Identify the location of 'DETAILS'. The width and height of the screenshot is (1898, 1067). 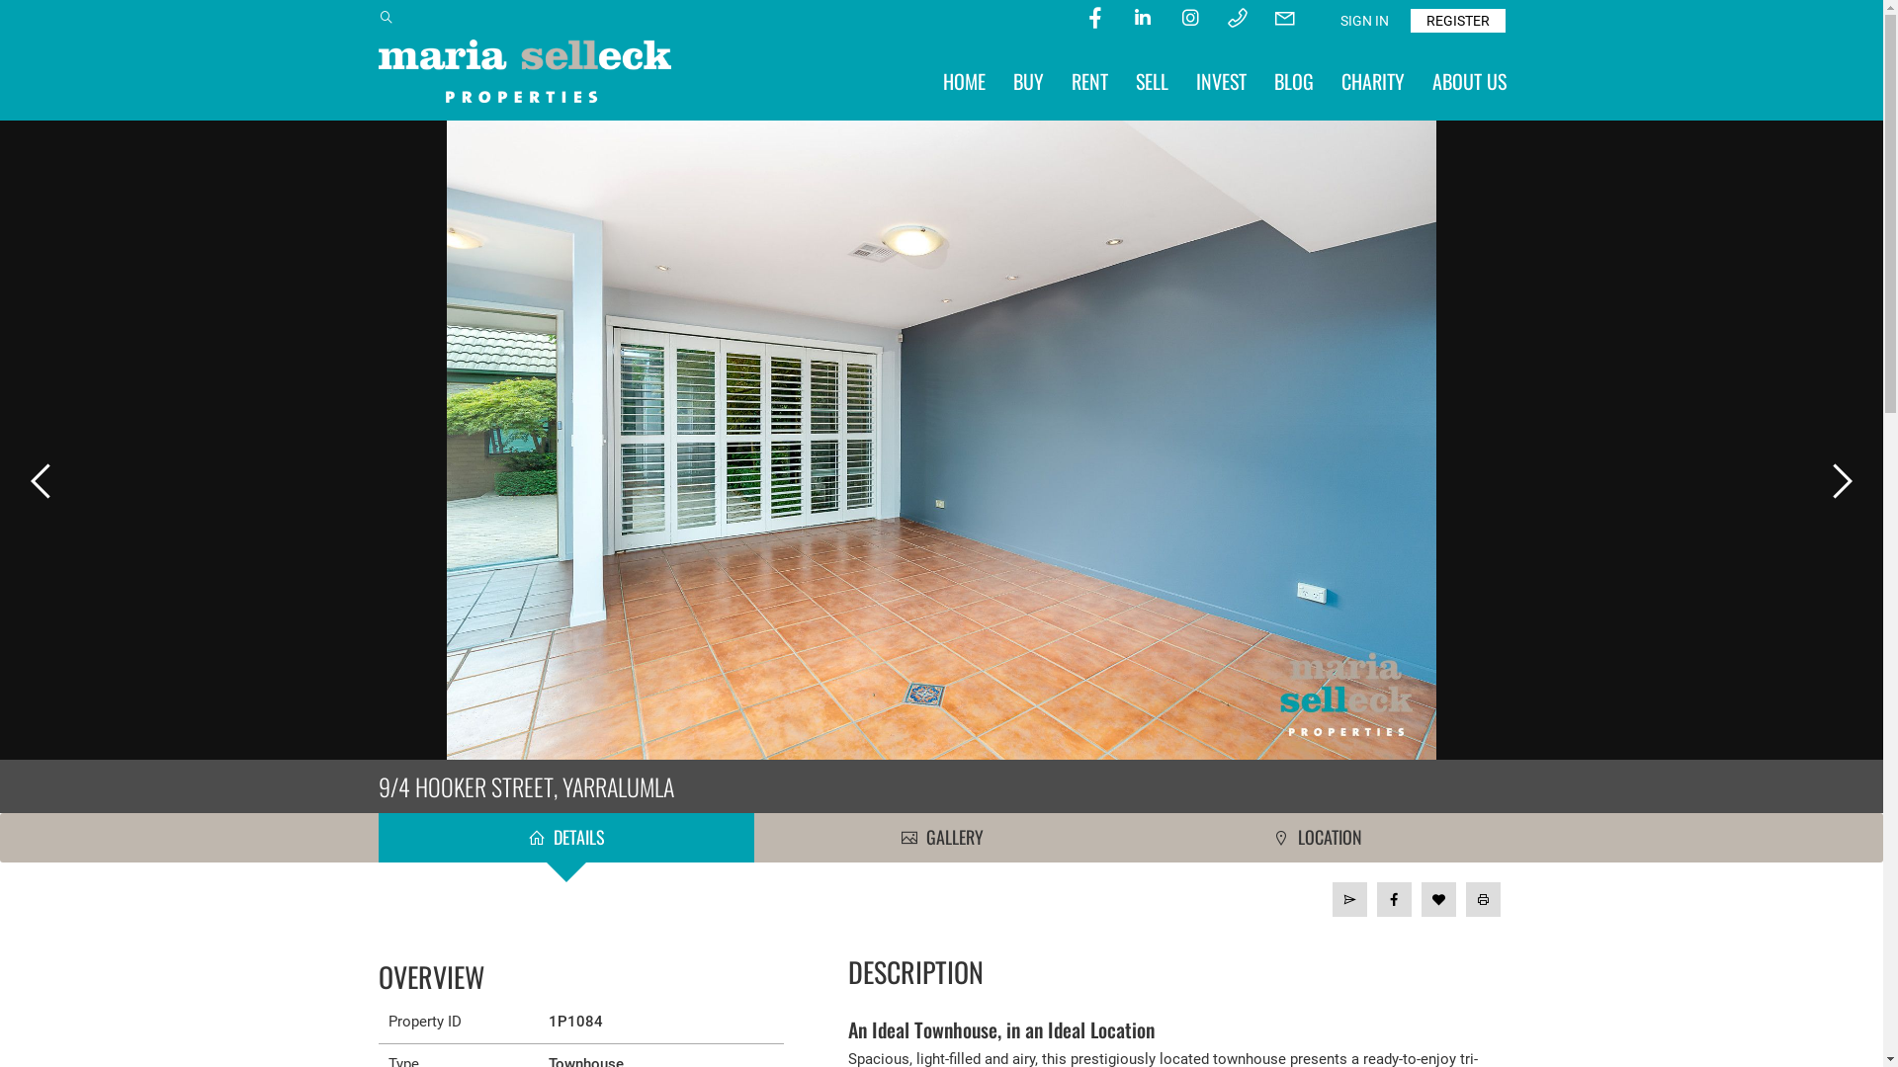
(563, 838).